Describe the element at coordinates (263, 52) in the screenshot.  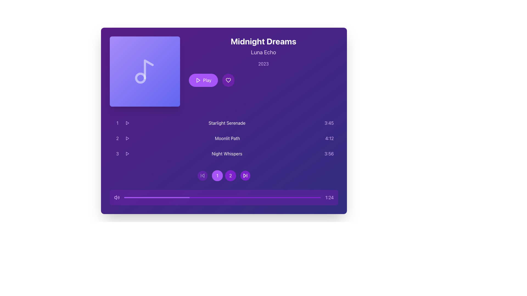
I see `the text display labeled 'Luna Echo', which is styled in light purple color and bold typeface, positioned centrally between 'Midnight Dreams' and '2023'` at that location.